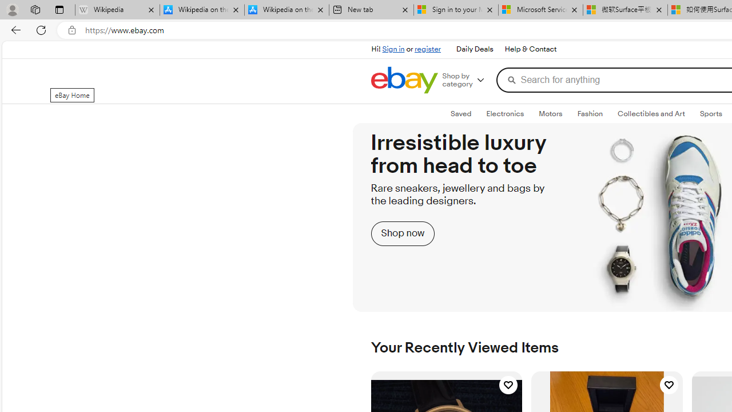 Image resolution: width=732 pixels, height=412 pixels. I want to click on 'FashionExpand: Fashion', so click(590, 114).